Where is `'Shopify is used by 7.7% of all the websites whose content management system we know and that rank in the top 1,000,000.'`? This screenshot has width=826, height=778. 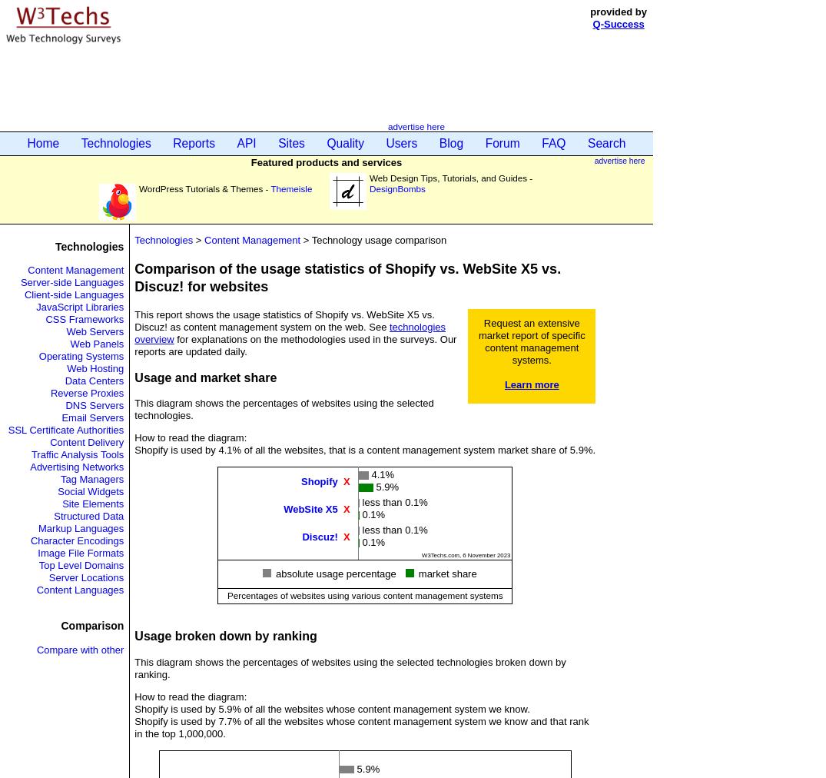 'Shopify is used by 7.7% of all the websites whose content management system we know and that rank in the top 1,000,000.' is located at coordinates (361, 726).